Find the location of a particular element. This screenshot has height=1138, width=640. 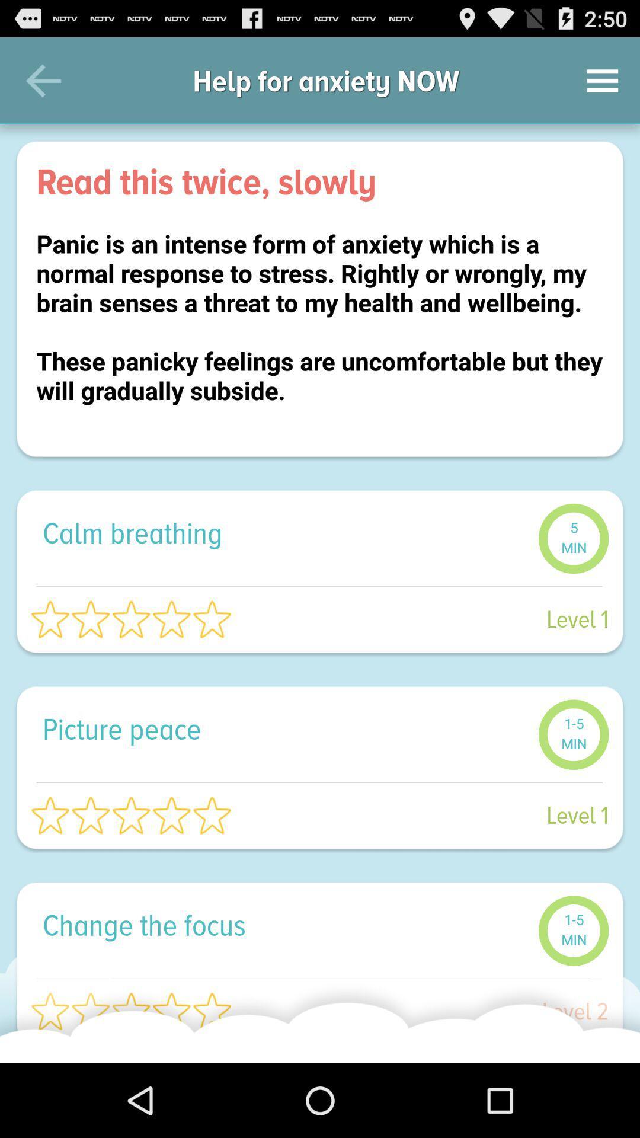

the item above the read this twice item is located at coordinates (43, 80).